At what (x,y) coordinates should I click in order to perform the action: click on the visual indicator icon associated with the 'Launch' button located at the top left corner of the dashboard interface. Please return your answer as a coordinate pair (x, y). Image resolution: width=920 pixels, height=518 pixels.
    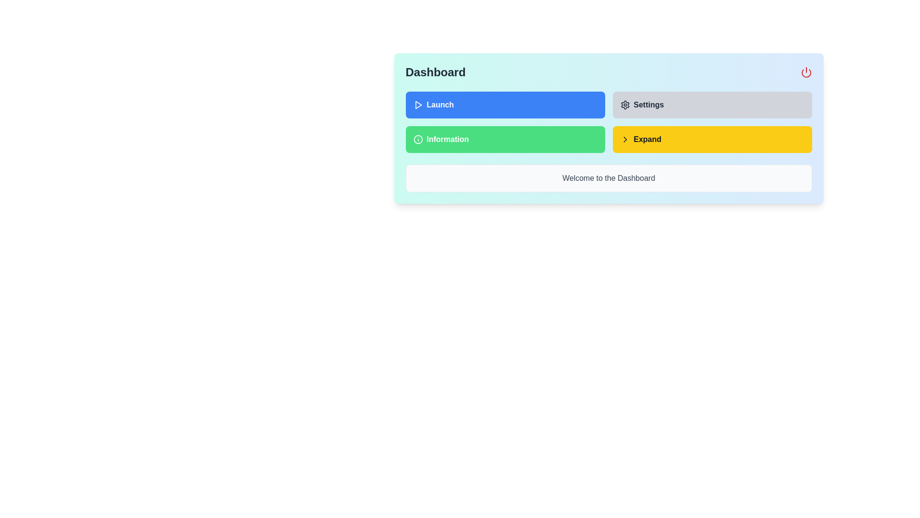
    Looking at the image, I should click on (418, 105).